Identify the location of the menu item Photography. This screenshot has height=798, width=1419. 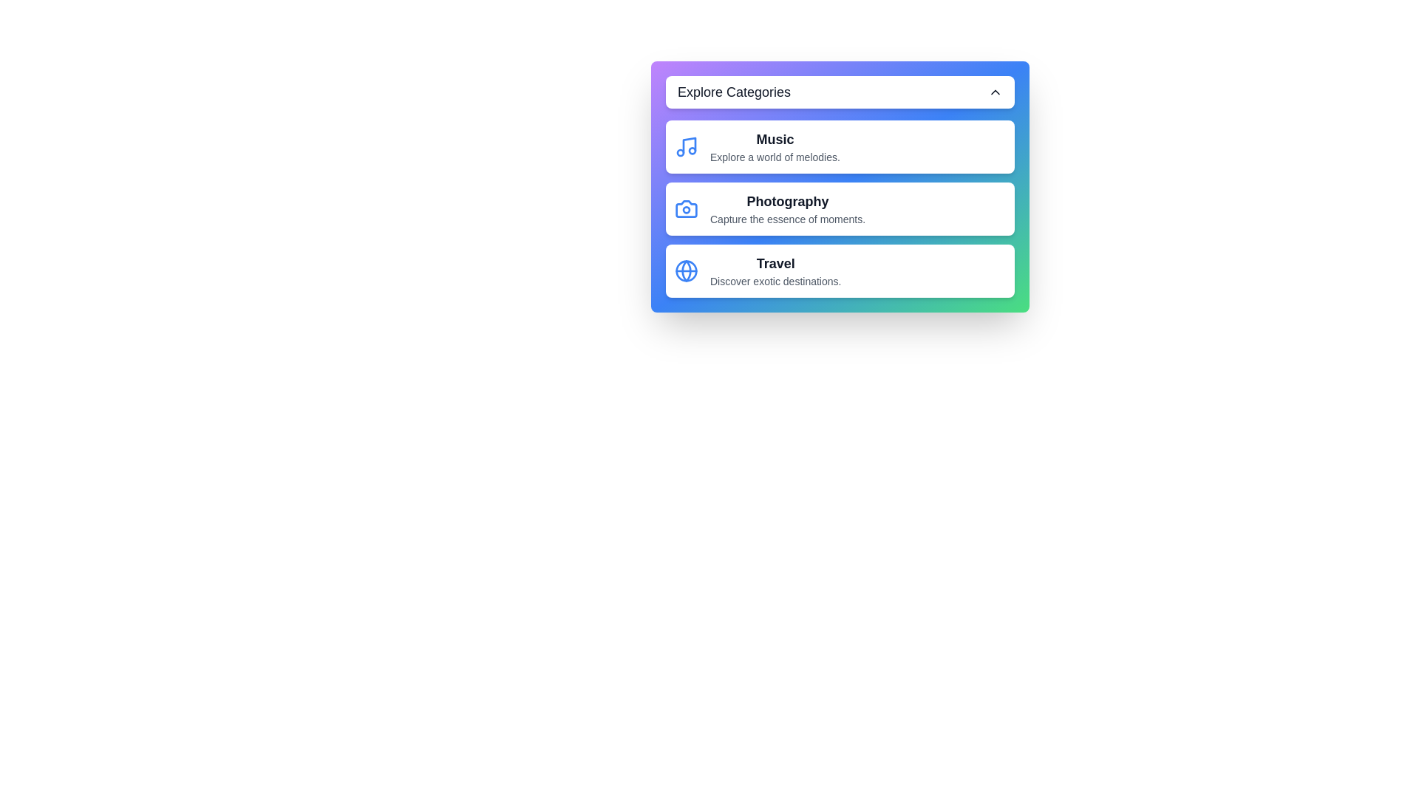
(840, 208).